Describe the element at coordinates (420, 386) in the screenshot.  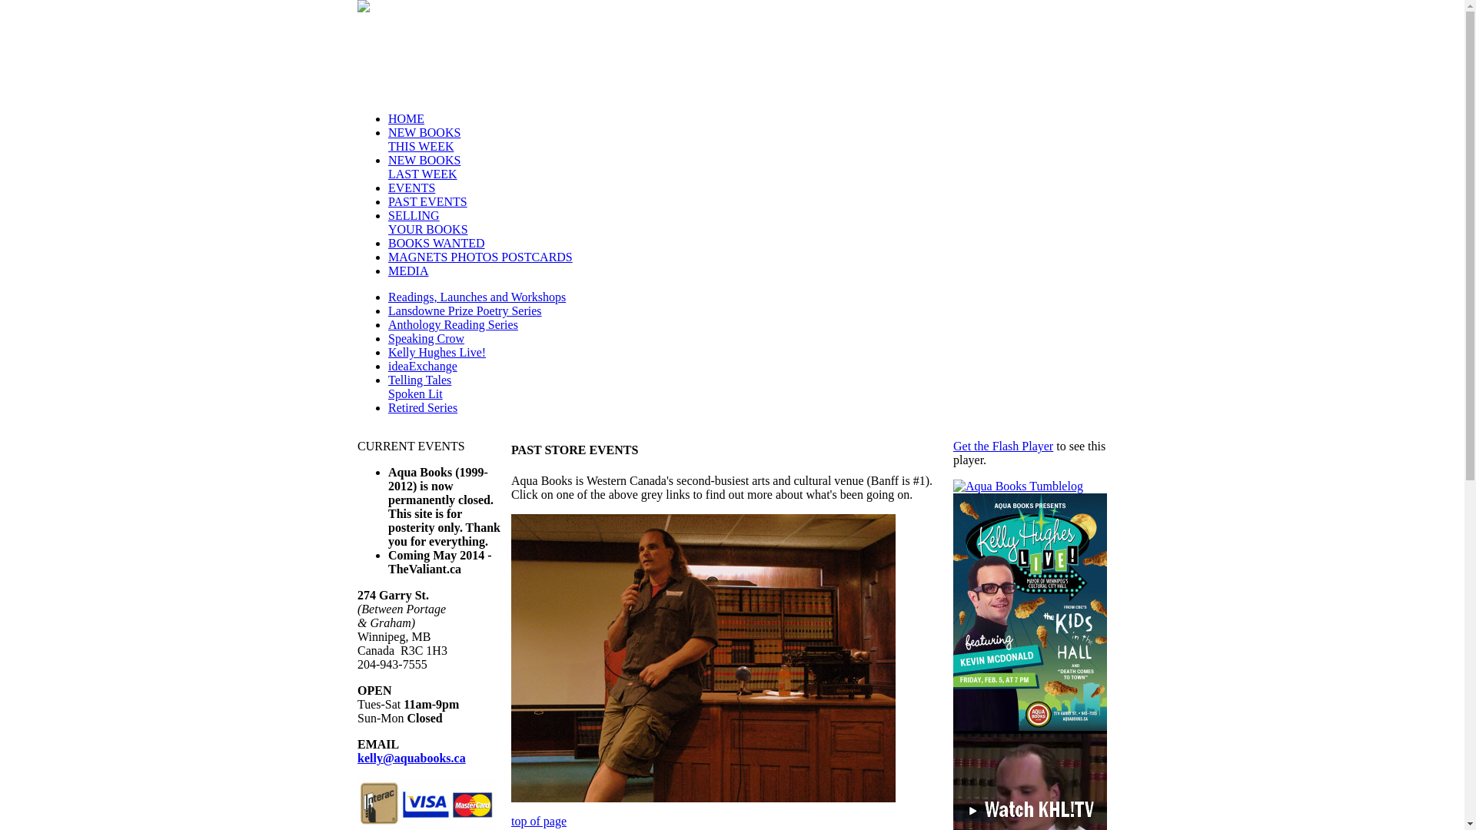
I see `'Telling Tales` at that location.